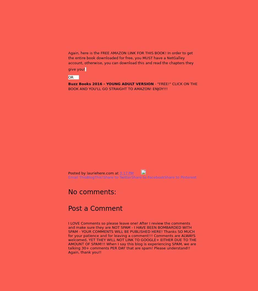 The image size is (258, 291). I want to click on '- "FREE!" CLICK ON THE BOOK AND YOU'LL GO STRAIGHT TO AMAZON! ENJOY!!!', so click(133, 86).